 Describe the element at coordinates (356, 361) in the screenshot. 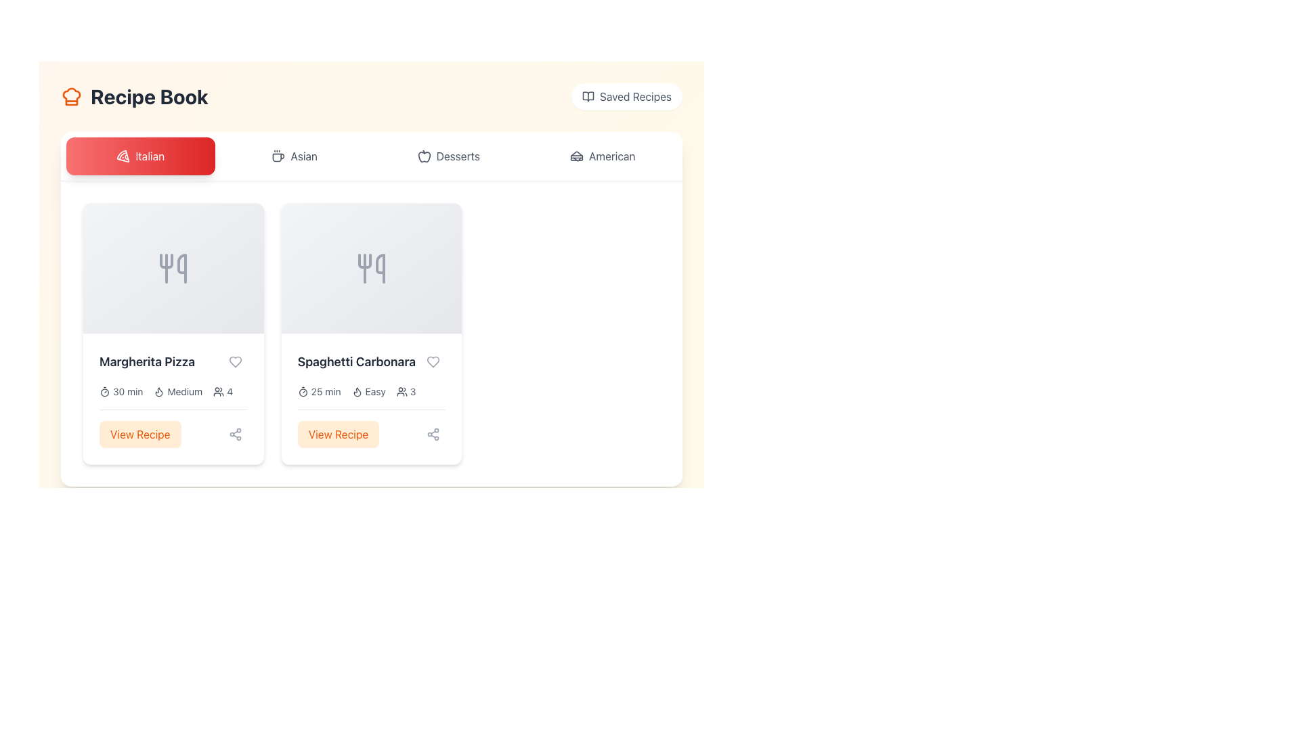

I see `the Text Label displaying the recipe name 'Spaghetti Carbonara', which is located within the right recipe card under the Italian section, just below the large dish icon` at that location.